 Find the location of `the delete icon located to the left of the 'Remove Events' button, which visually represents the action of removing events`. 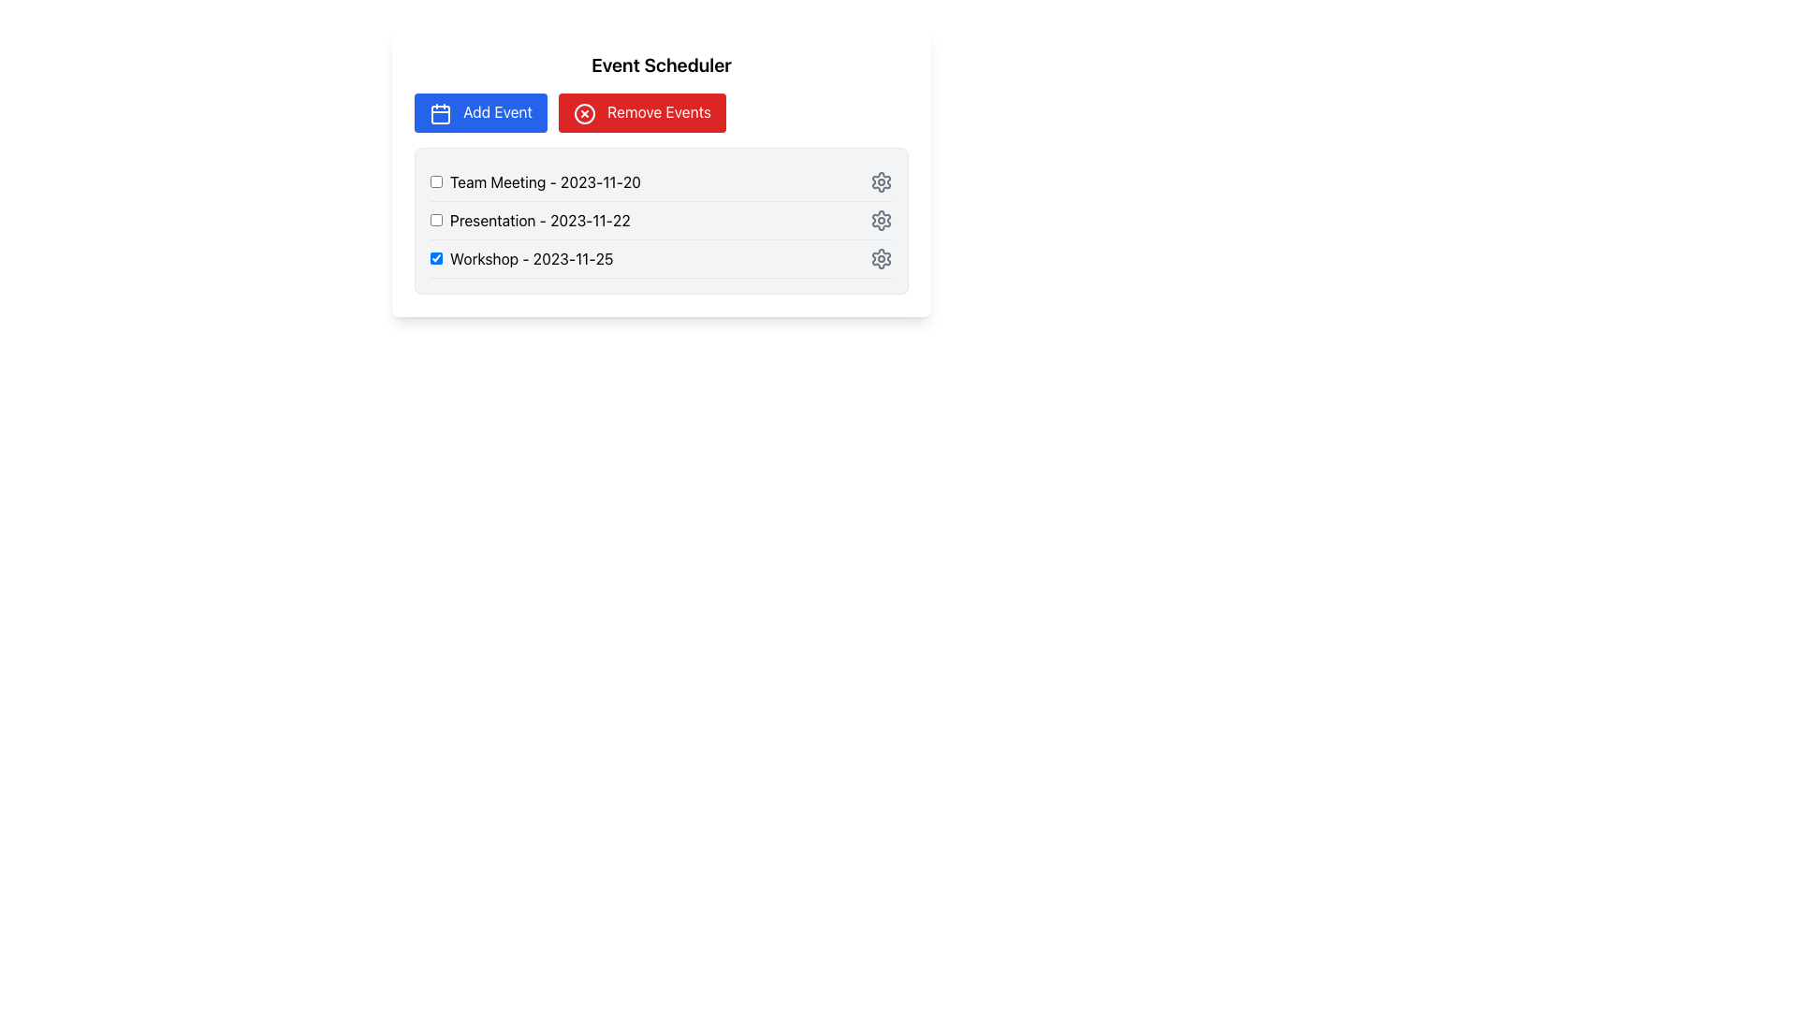

the delete icon located to the left of the 'Remove Events' button, which visually represents the action of removing events is located at coordinates (583, 113).